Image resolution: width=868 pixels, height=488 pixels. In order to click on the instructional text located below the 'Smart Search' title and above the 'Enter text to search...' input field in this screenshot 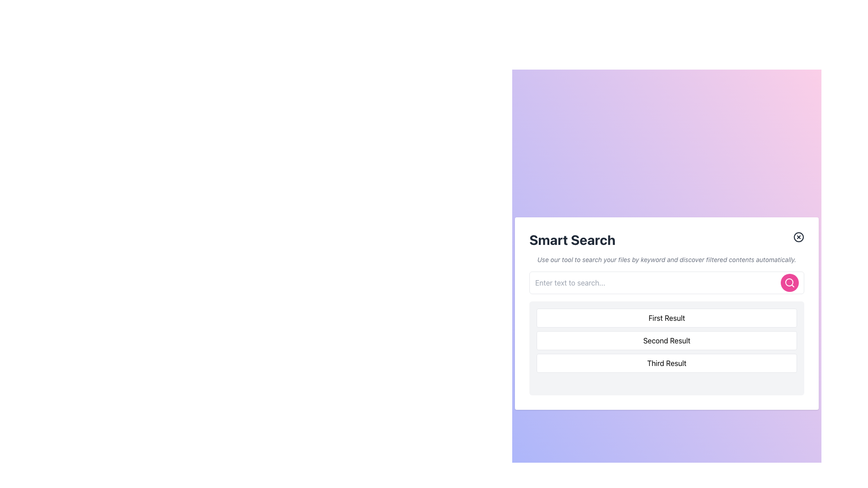, I will do `click(666, 259)`.